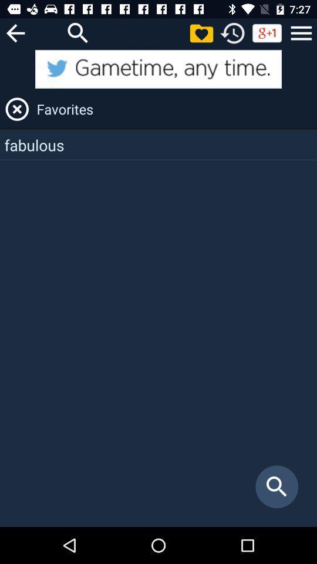 The image size is (317, 564). I want to click on the app above favorites app, so click(301, 32).